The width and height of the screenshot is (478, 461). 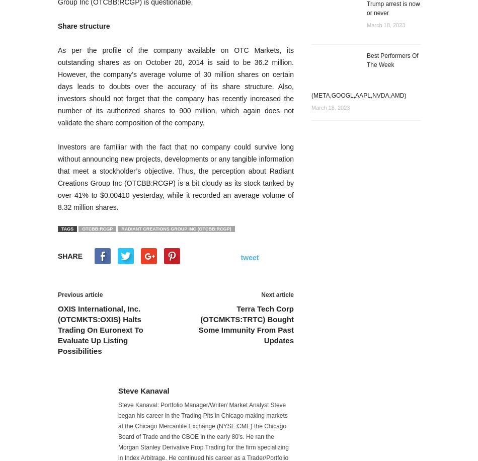 I want to click on 'OTCBB:RCGP', so click(x=97, y=228).